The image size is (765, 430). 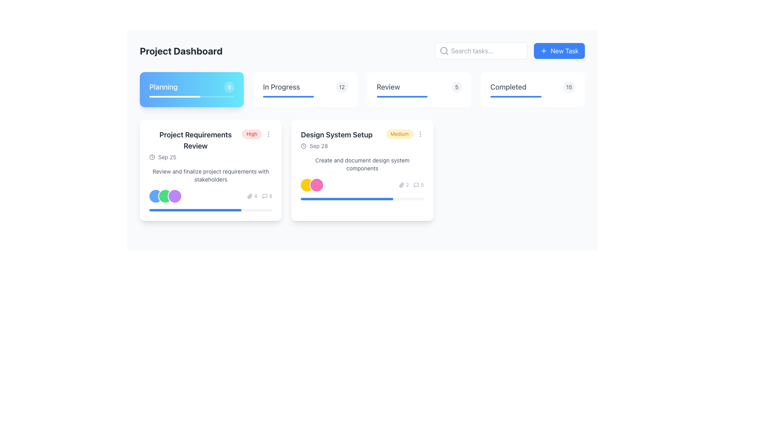 What do you see at coordinates (420, 133) in the screenshot?
I see `the button with a vertical ellipsis icon located at the top-right corner of the 'Design System Setup' card, which has a yellow 'Medium' badge` at bounding box center [420, 133].